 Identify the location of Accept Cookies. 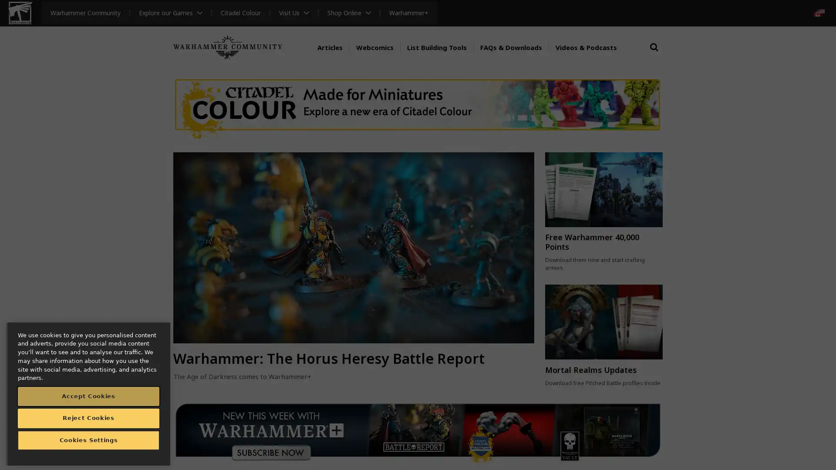
(88, 396).